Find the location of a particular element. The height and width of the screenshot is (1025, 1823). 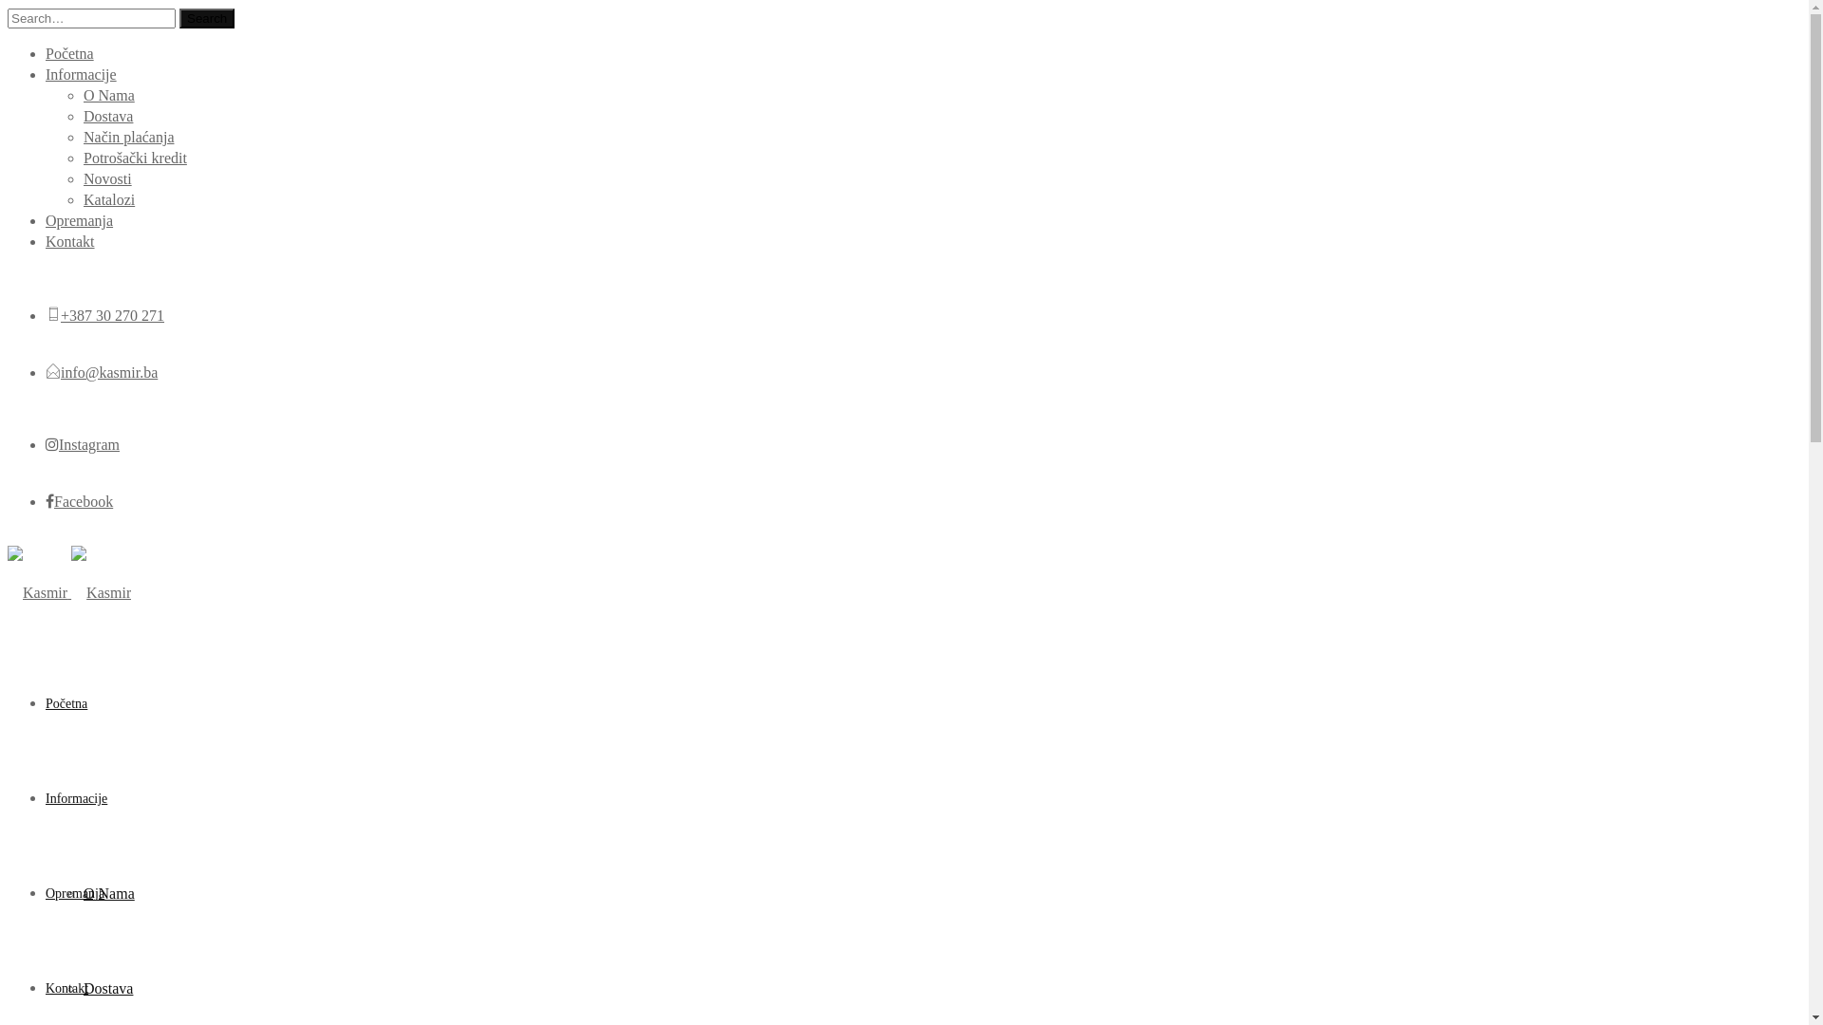

'Facebook' is located at coordinates (78, 500).